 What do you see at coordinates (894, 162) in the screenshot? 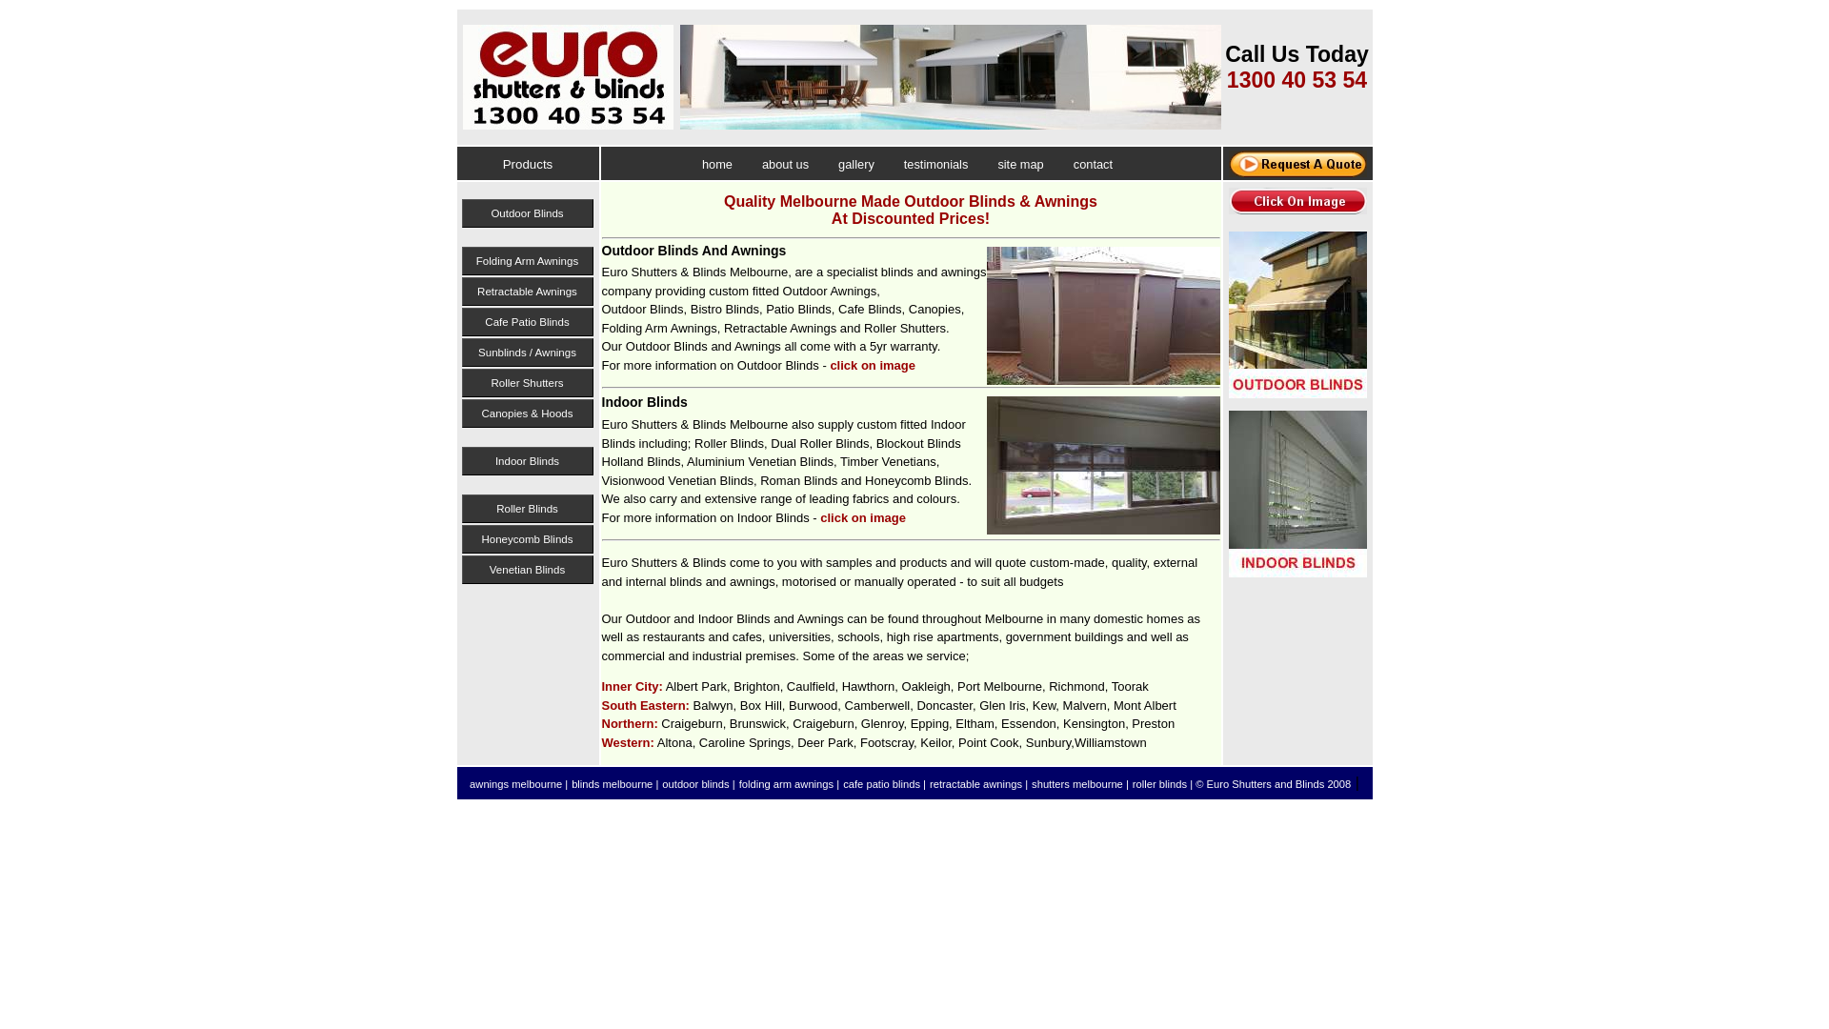
I see `'testimonials'` at bounding box center [894, 162].